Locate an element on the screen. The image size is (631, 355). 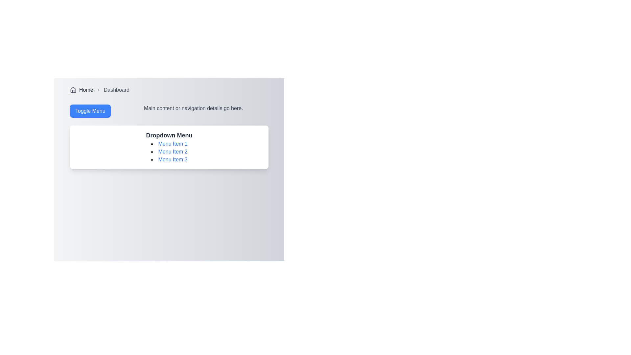
the text display element that shows 'Main content or navigation details go here.' which is styled in gray and located to the right of the 'Toggle Menu' button is located at coordinates (193, 111).